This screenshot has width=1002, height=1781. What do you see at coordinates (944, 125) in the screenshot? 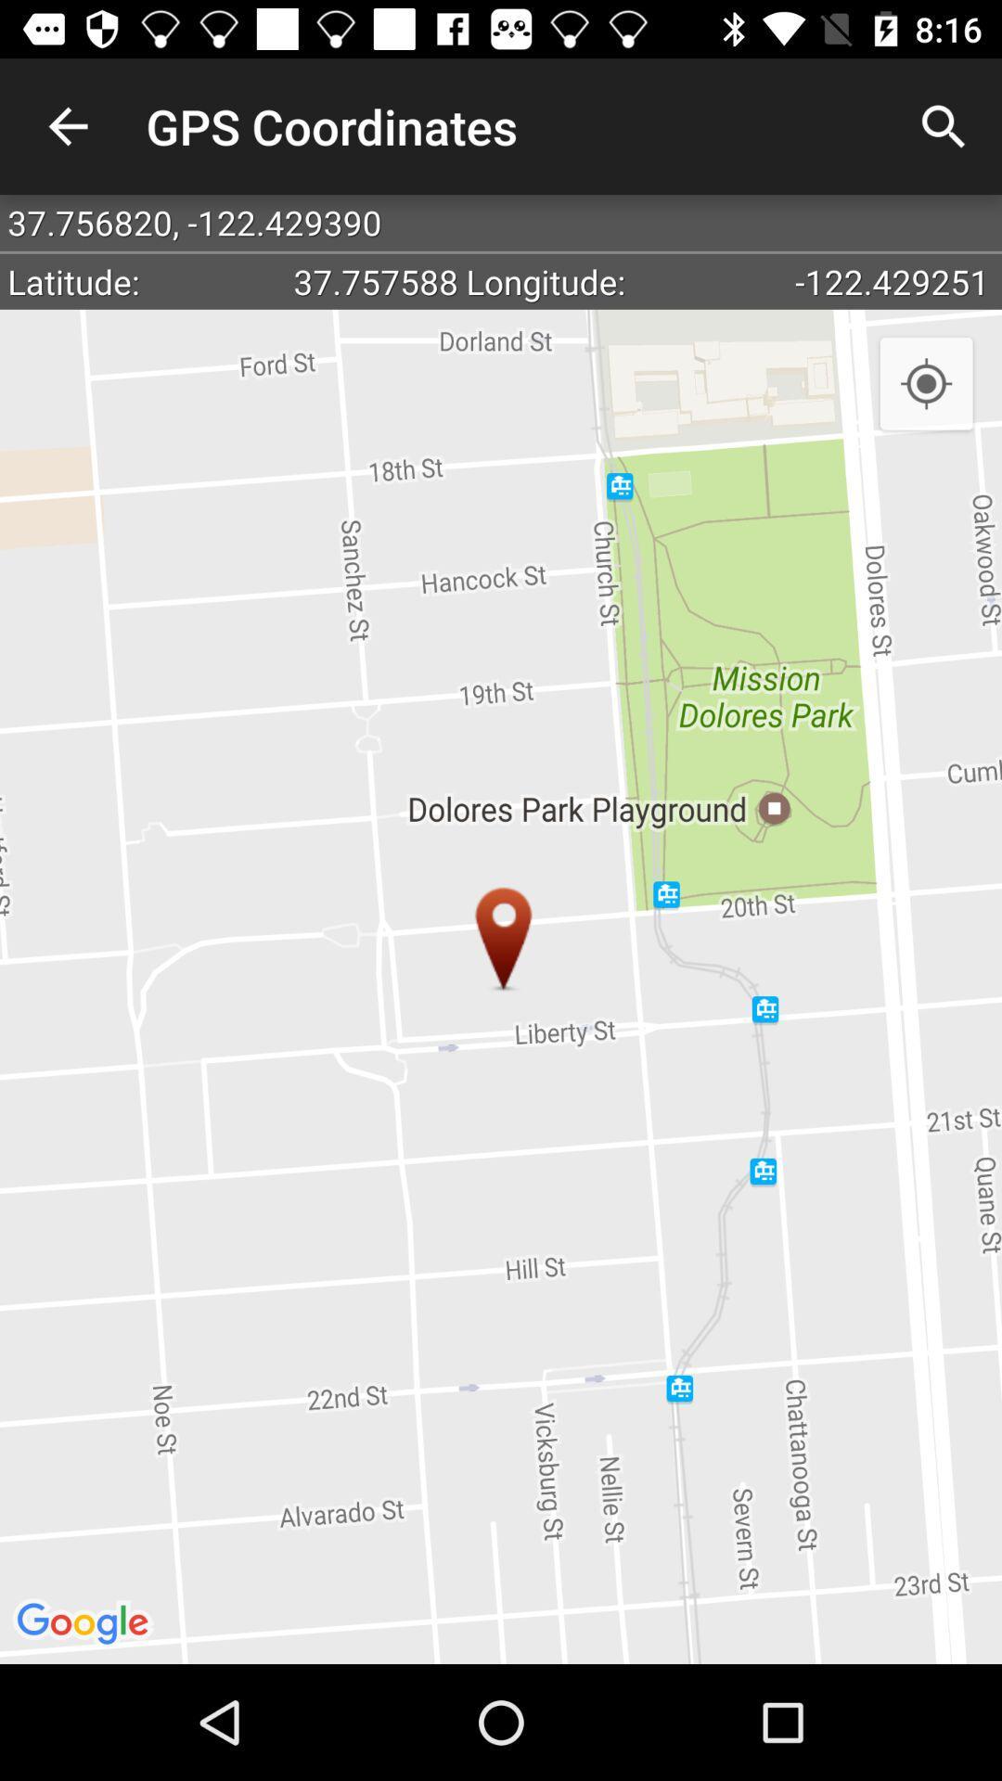
I see `the item above the 37 756820 122 icon` at bounding box center [944, 125].